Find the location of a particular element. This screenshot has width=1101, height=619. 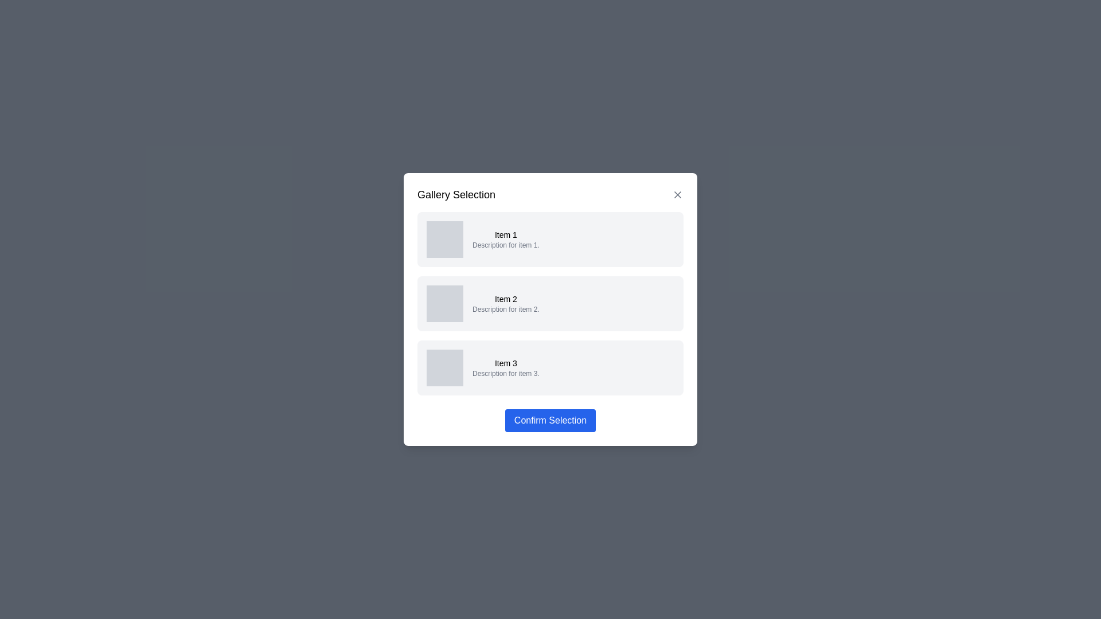

the close button located in the top-right corner of the 'Gallery Selection' modal is located at coordinates (677, 194).